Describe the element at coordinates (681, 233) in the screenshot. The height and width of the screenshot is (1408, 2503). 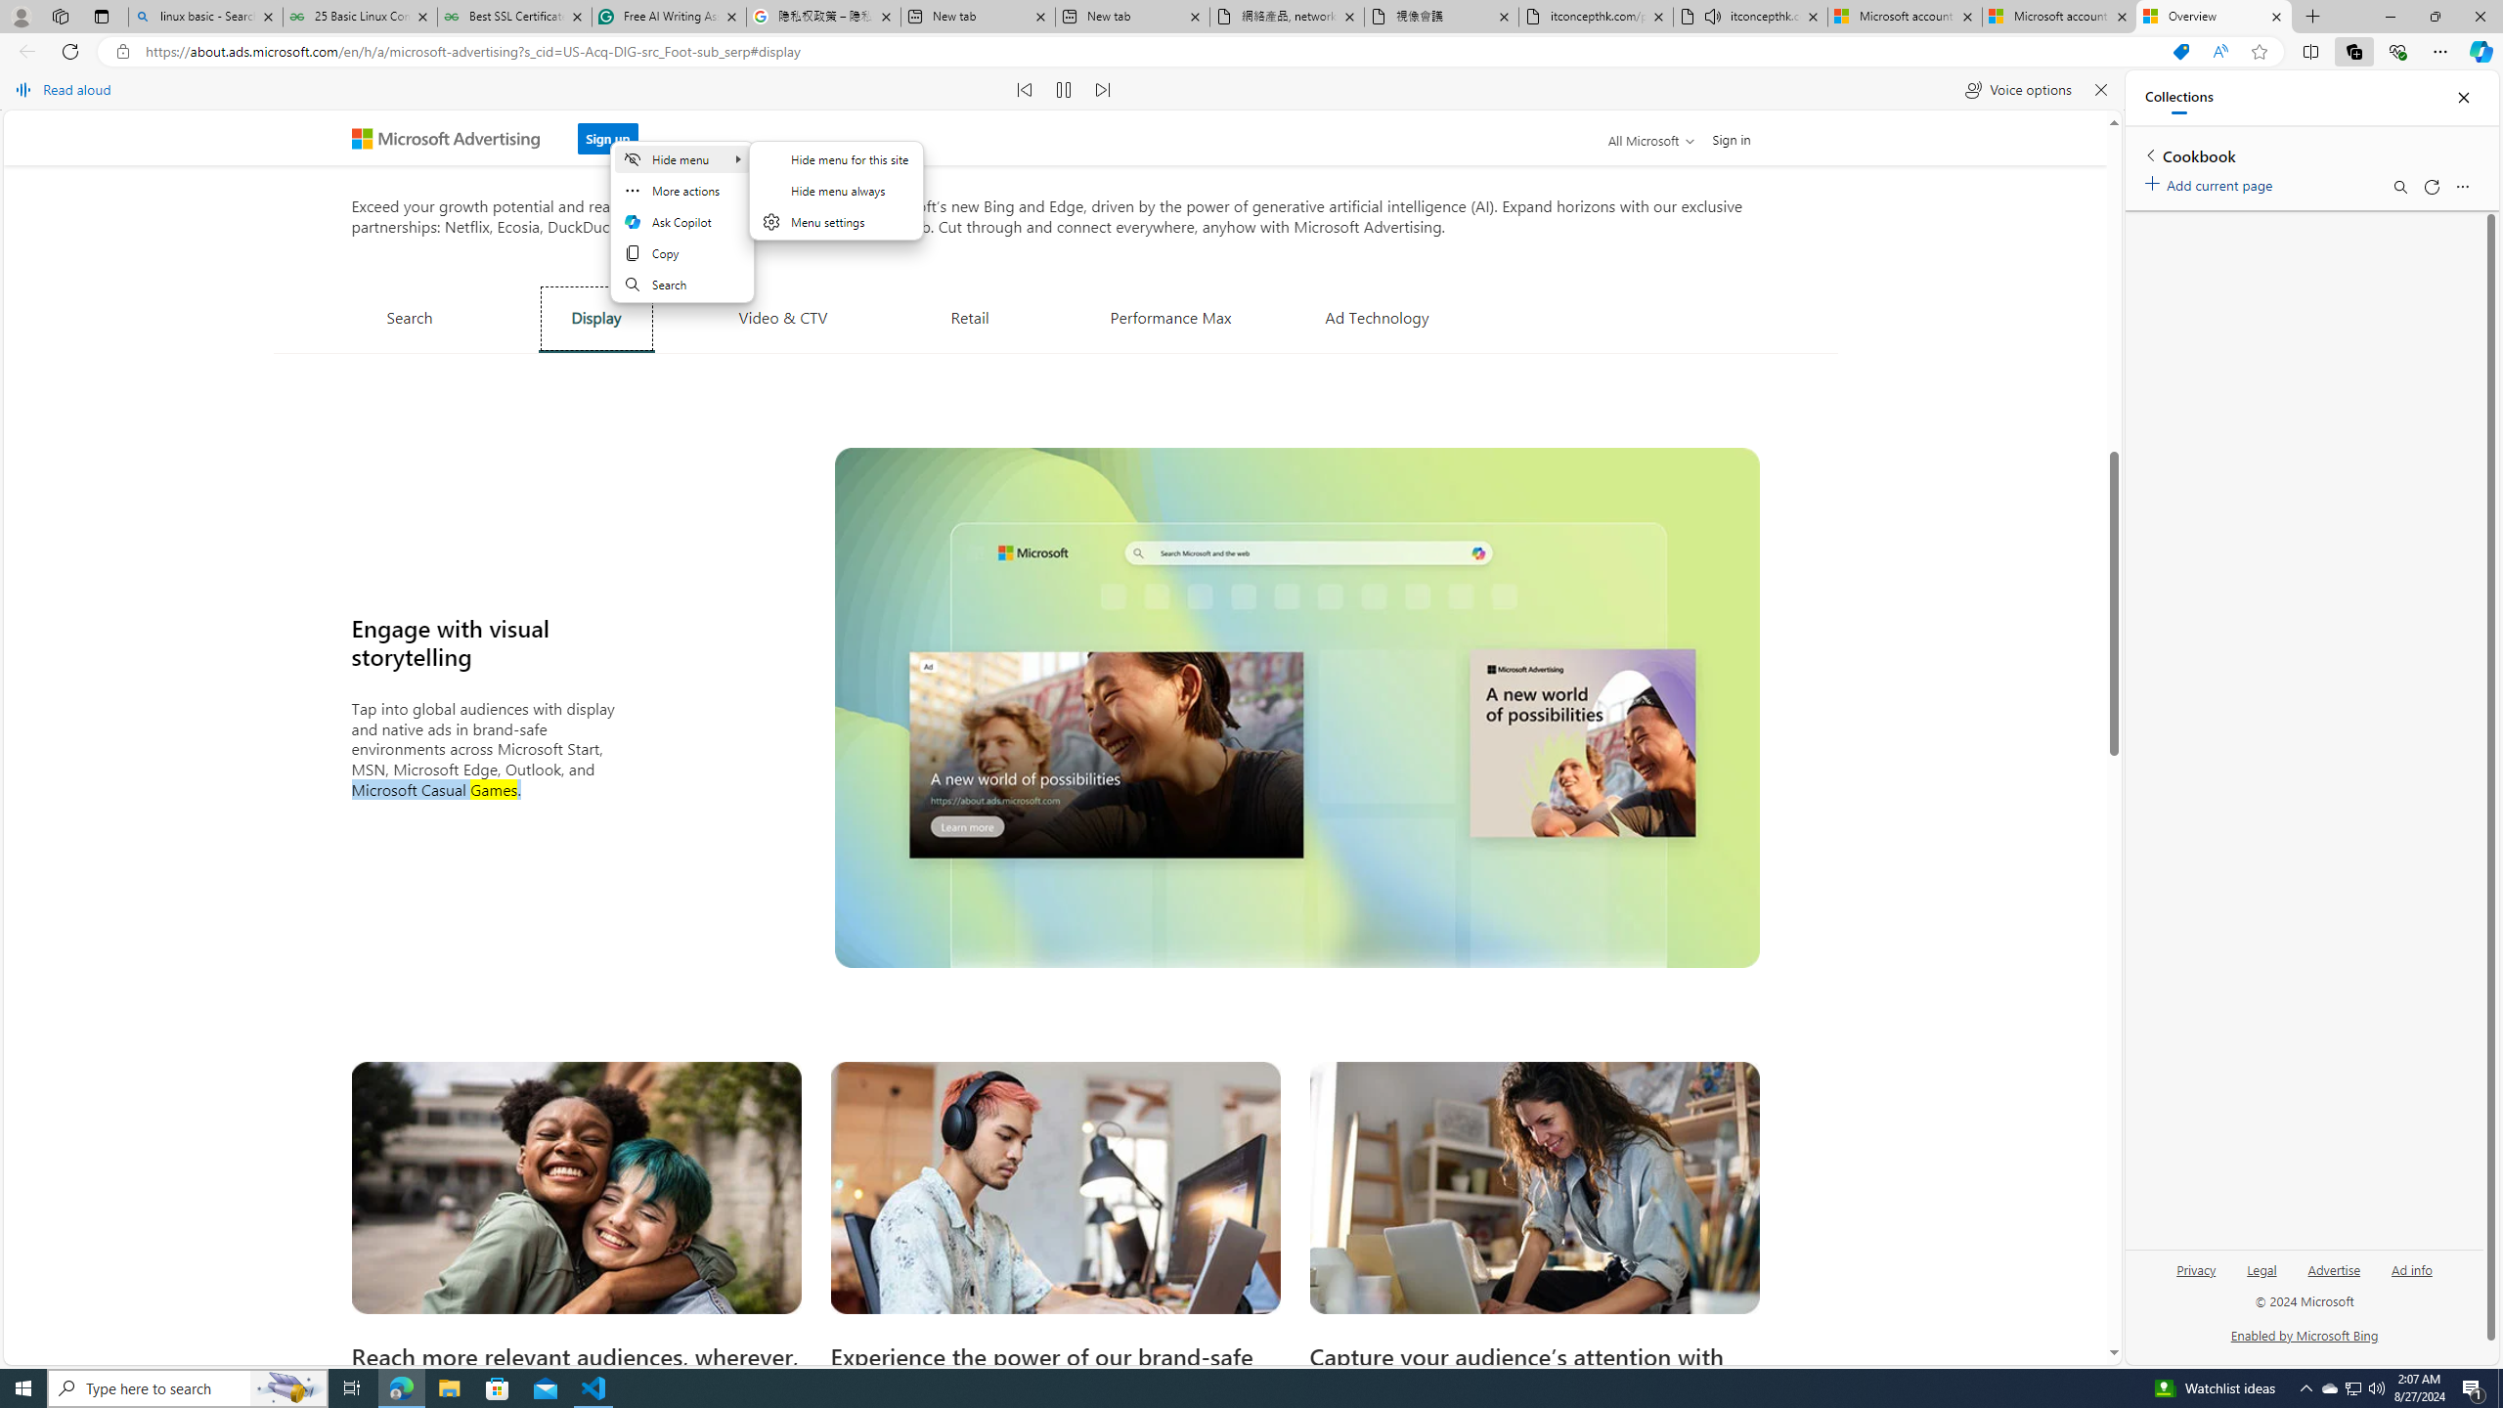
I see `'Mini menu on text selection'` at that location.